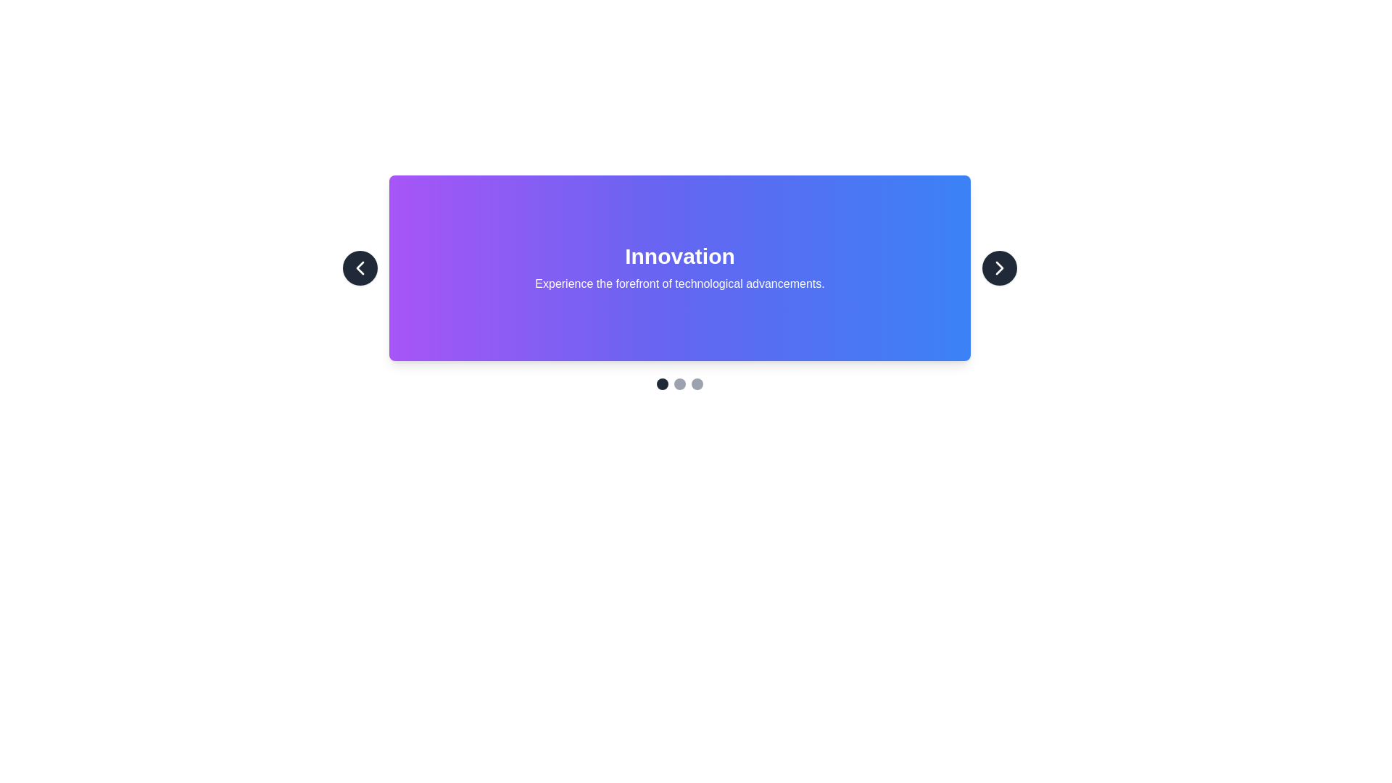 The height and width of the screenshot is (783, 1392). I want to click on the Feature highlight section displaying 'Innovation' and its subtext 'Experience the forefront of technological advancements.', so click(679, 268).